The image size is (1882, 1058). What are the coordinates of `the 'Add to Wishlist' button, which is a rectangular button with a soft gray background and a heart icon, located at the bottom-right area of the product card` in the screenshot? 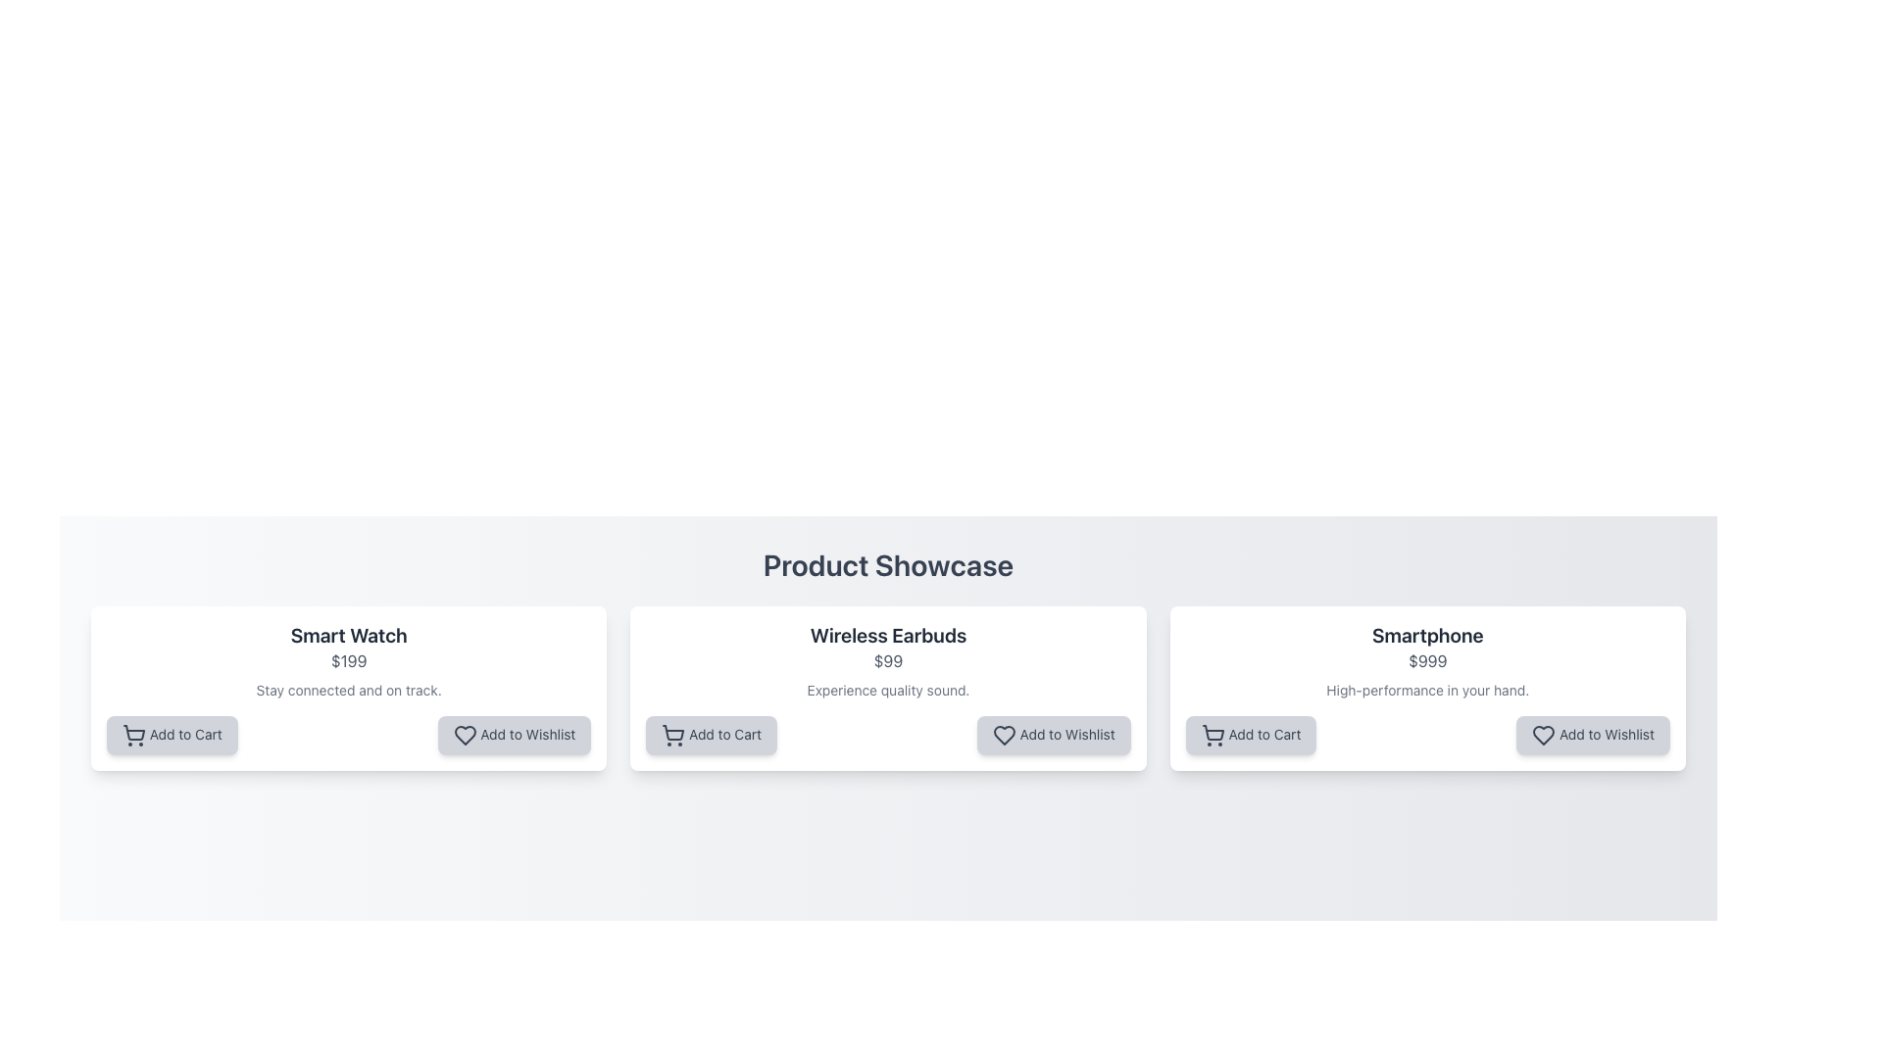 It's located at (1593, 736).